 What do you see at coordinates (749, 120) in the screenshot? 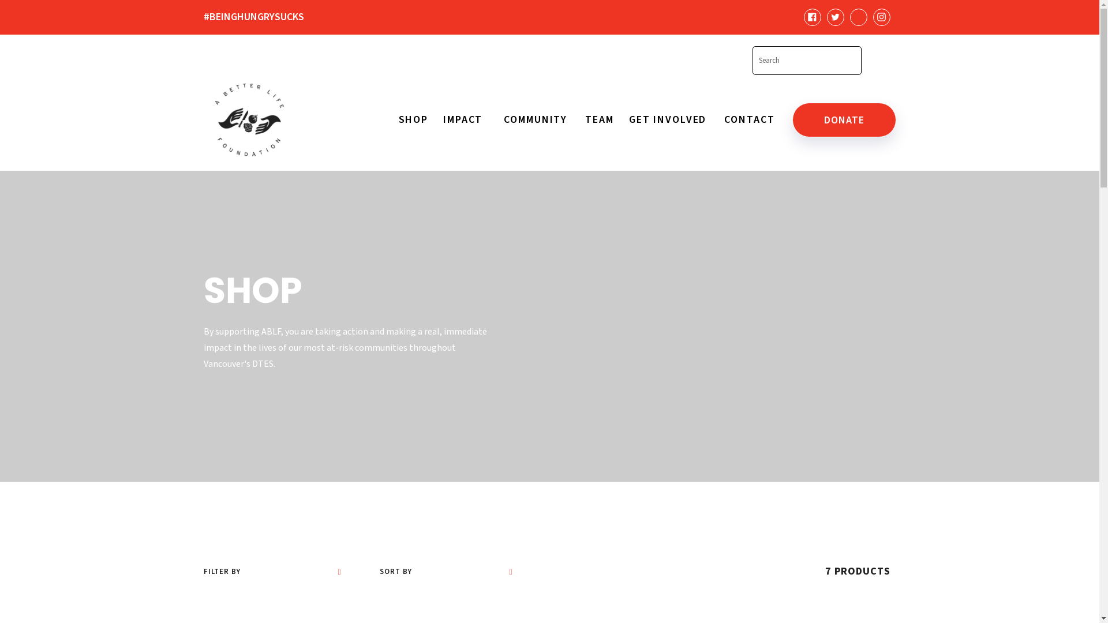
I see `'CONTACT'` at bounding box center [749, 120].